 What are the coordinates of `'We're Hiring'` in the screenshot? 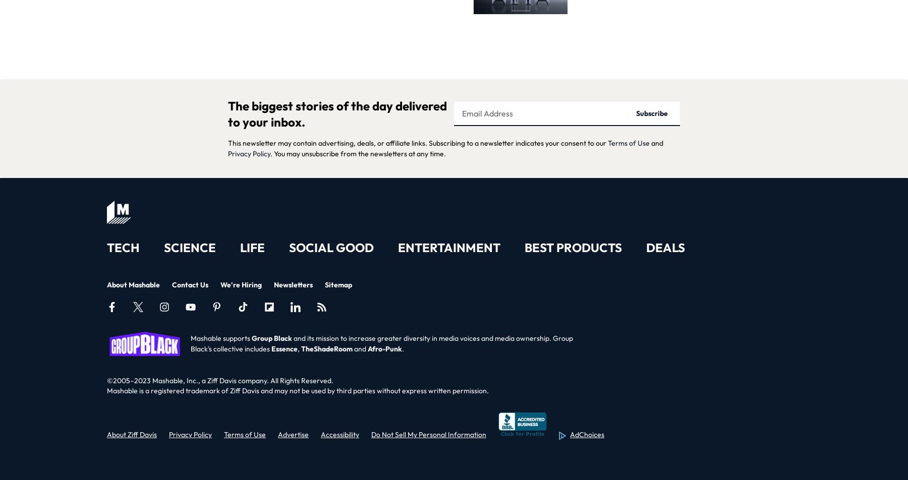 It's located at (241, 284).